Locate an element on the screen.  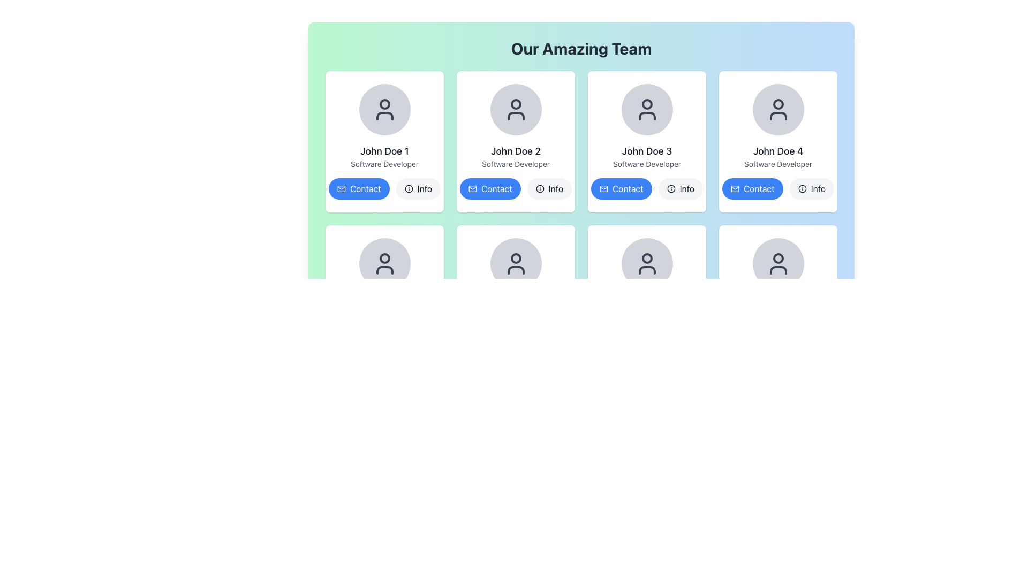
the circular image placeholder for profile representation in the fourth profile card labeled 'John Doe 4', located at the top-right of the profile section is located at coordinates (778, 109).